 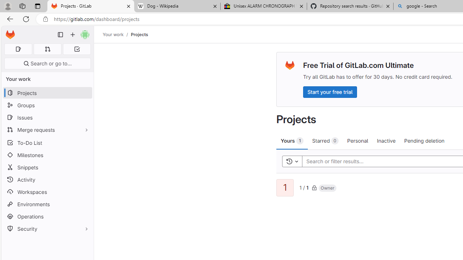 What do you see at coordinates (47, 49) in the screenshot?
I see `'Merge requests 0'` at bounding box center [47, 49].